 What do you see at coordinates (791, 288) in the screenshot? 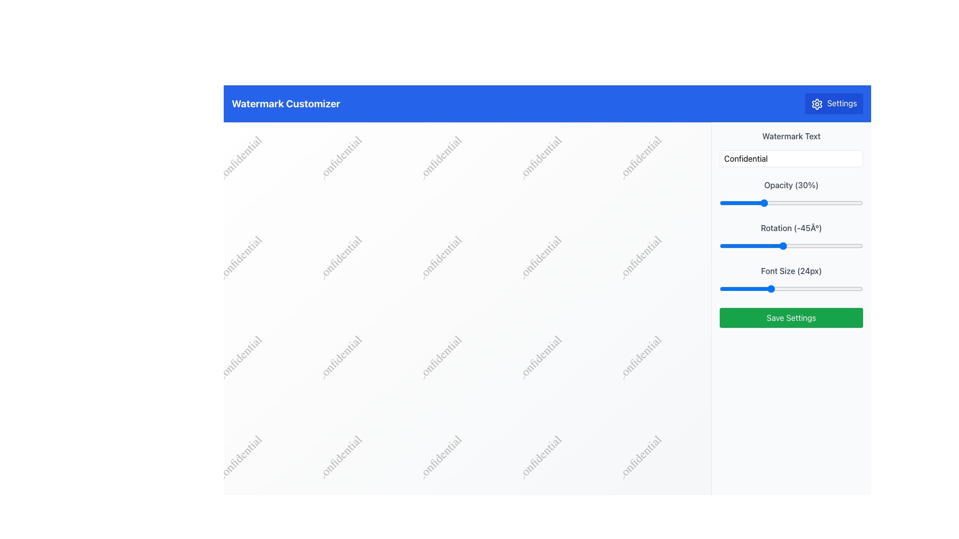
I see `the track of the Range Slider located below the 'Font Size (24px)' label to adjust its position` at bounding box center [791, 288].